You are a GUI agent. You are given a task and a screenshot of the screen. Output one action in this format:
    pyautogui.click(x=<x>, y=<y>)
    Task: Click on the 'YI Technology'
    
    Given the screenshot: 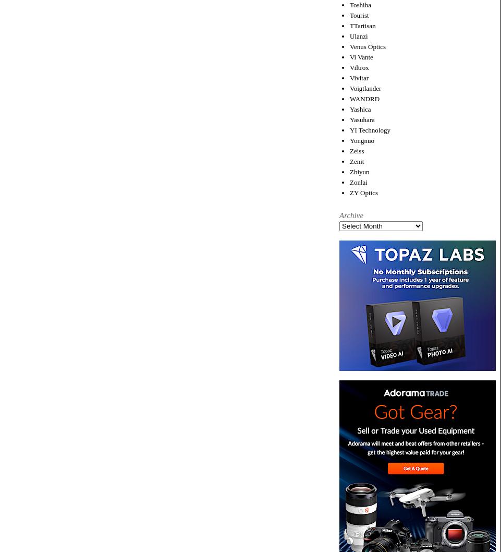 What is the action you would take?
    pyautogui.click(x=370, y=129)
    